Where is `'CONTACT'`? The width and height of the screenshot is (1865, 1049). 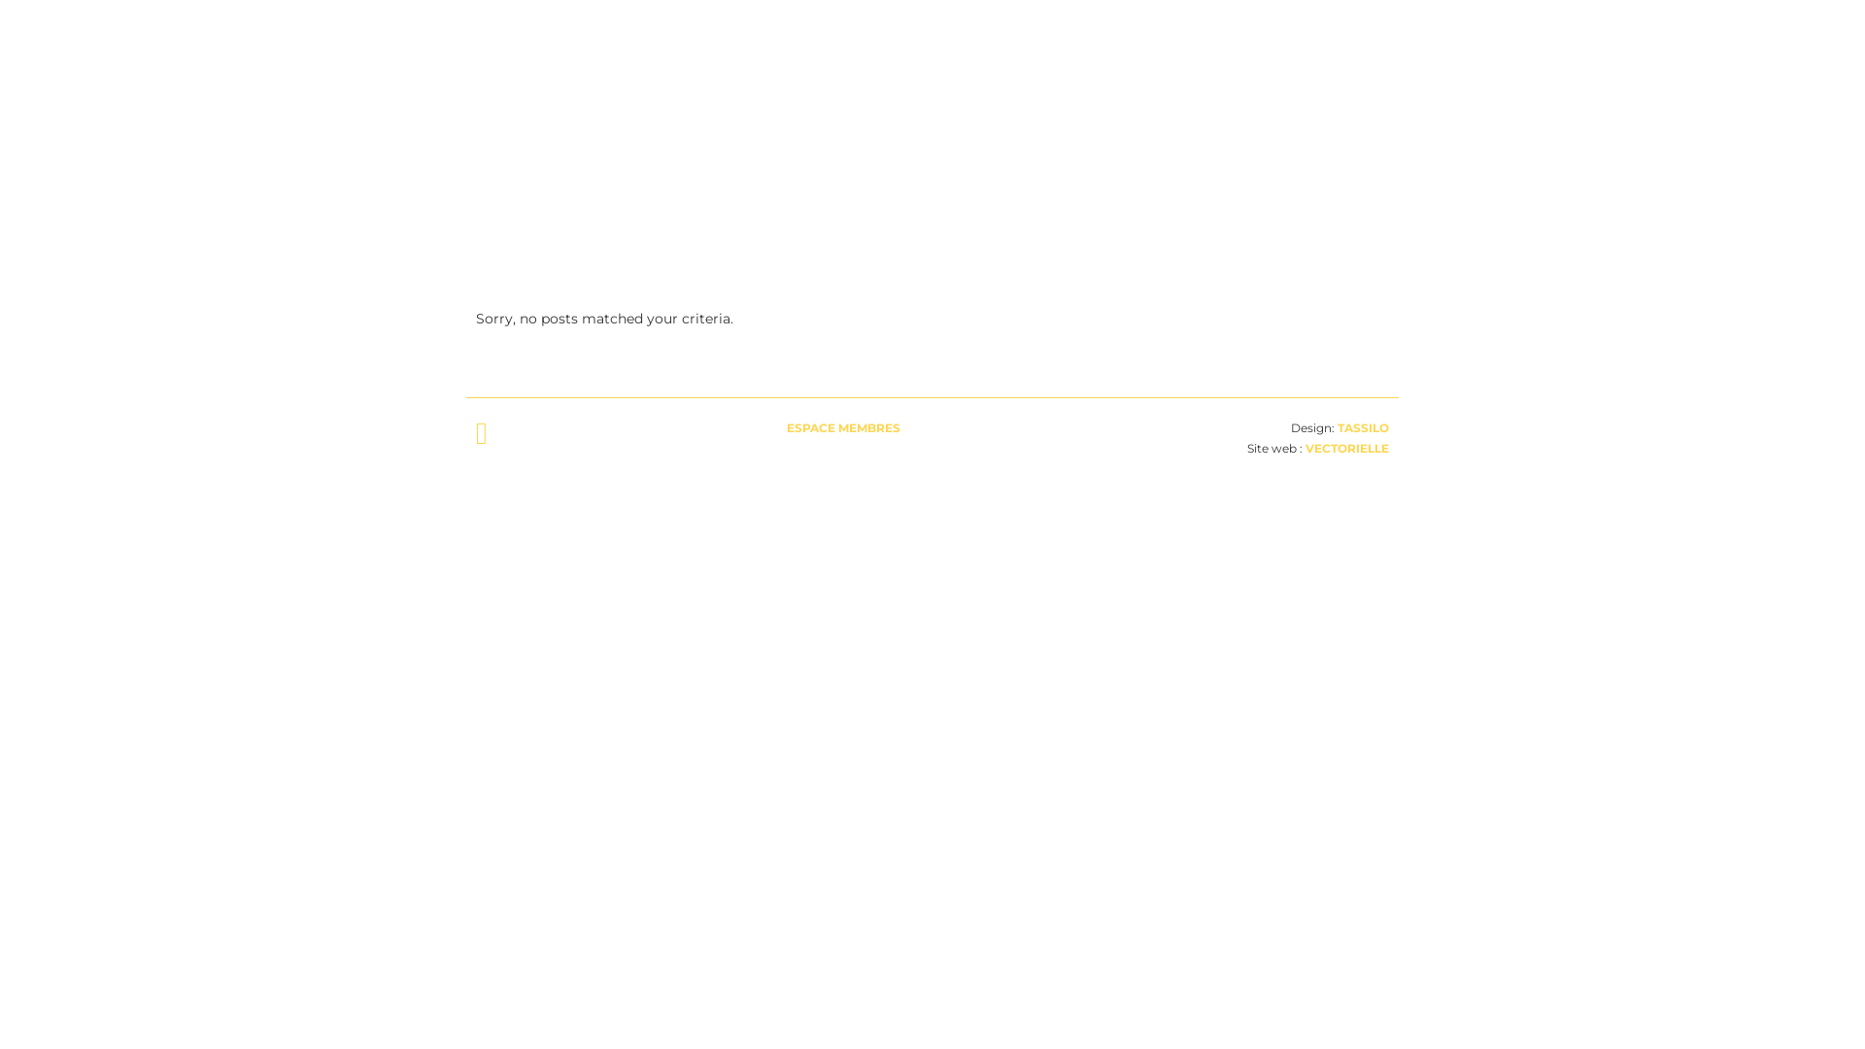
'CONTACT' is located at coordinates (1314, 66).